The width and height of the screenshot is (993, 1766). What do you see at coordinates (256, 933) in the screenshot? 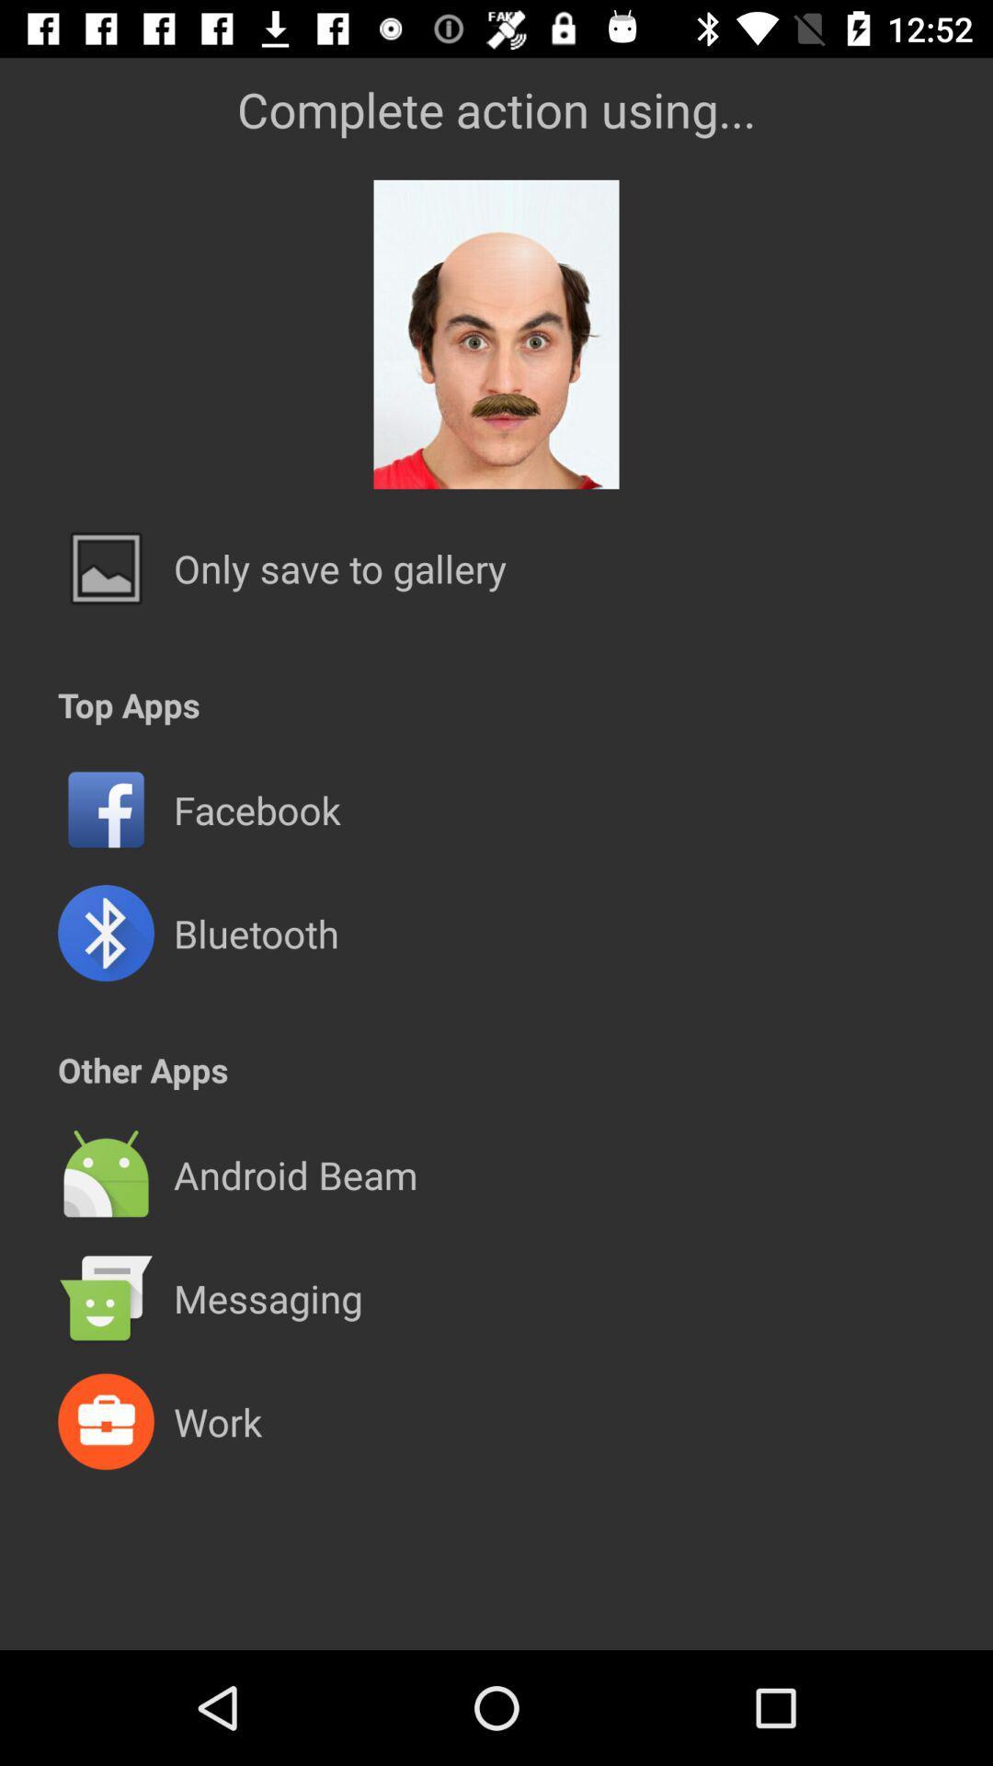
I see `the bluetooth item` at bounding box center [256, 933].